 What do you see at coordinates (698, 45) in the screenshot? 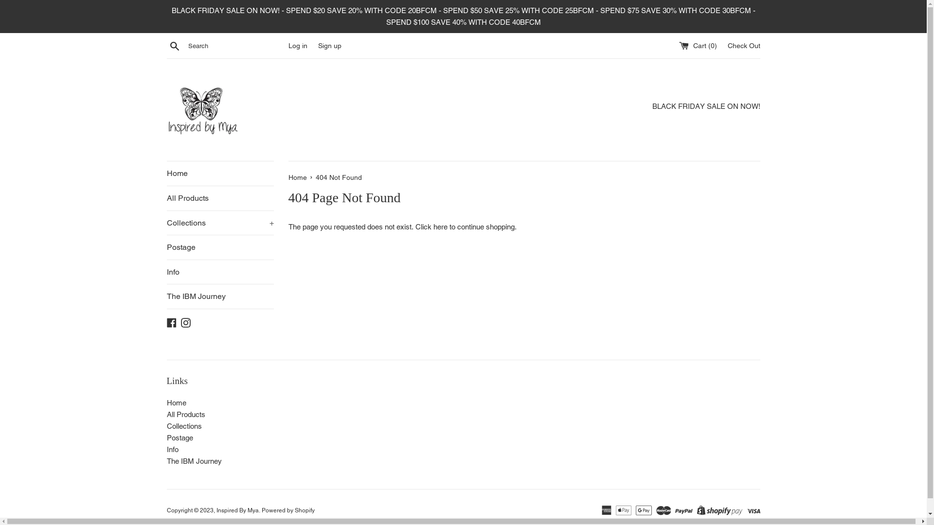
I see `'Cart (0)'` at bounding box center [698, 45].